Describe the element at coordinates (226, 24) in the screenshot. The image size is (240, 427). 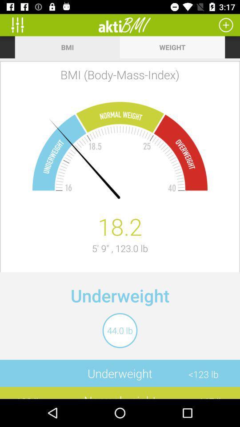
I see `input` at that location.